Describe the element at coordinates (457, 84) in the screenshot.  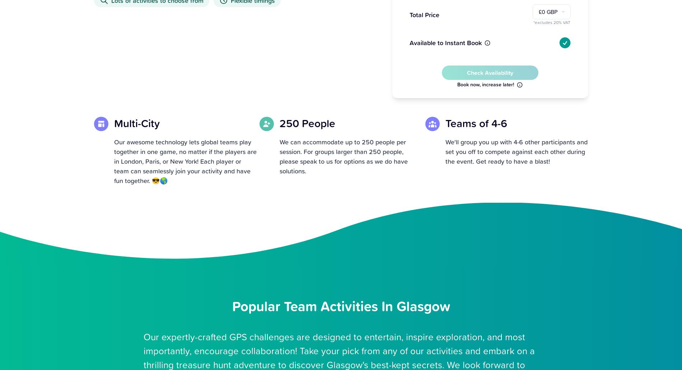
I see `'Book now, increase later!'` at that location.